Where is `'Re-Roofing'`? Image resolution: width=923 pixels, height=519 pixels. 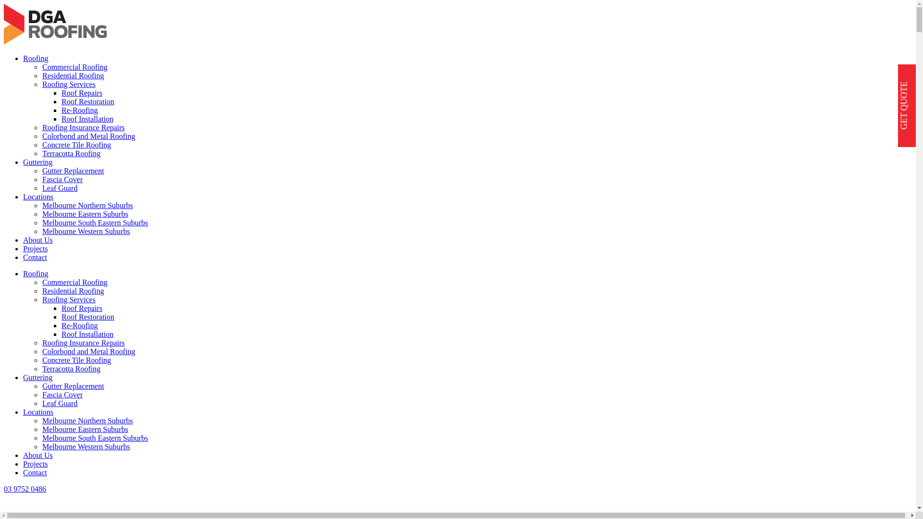 'Re-Roofing' is located at coordinates (80, 110).